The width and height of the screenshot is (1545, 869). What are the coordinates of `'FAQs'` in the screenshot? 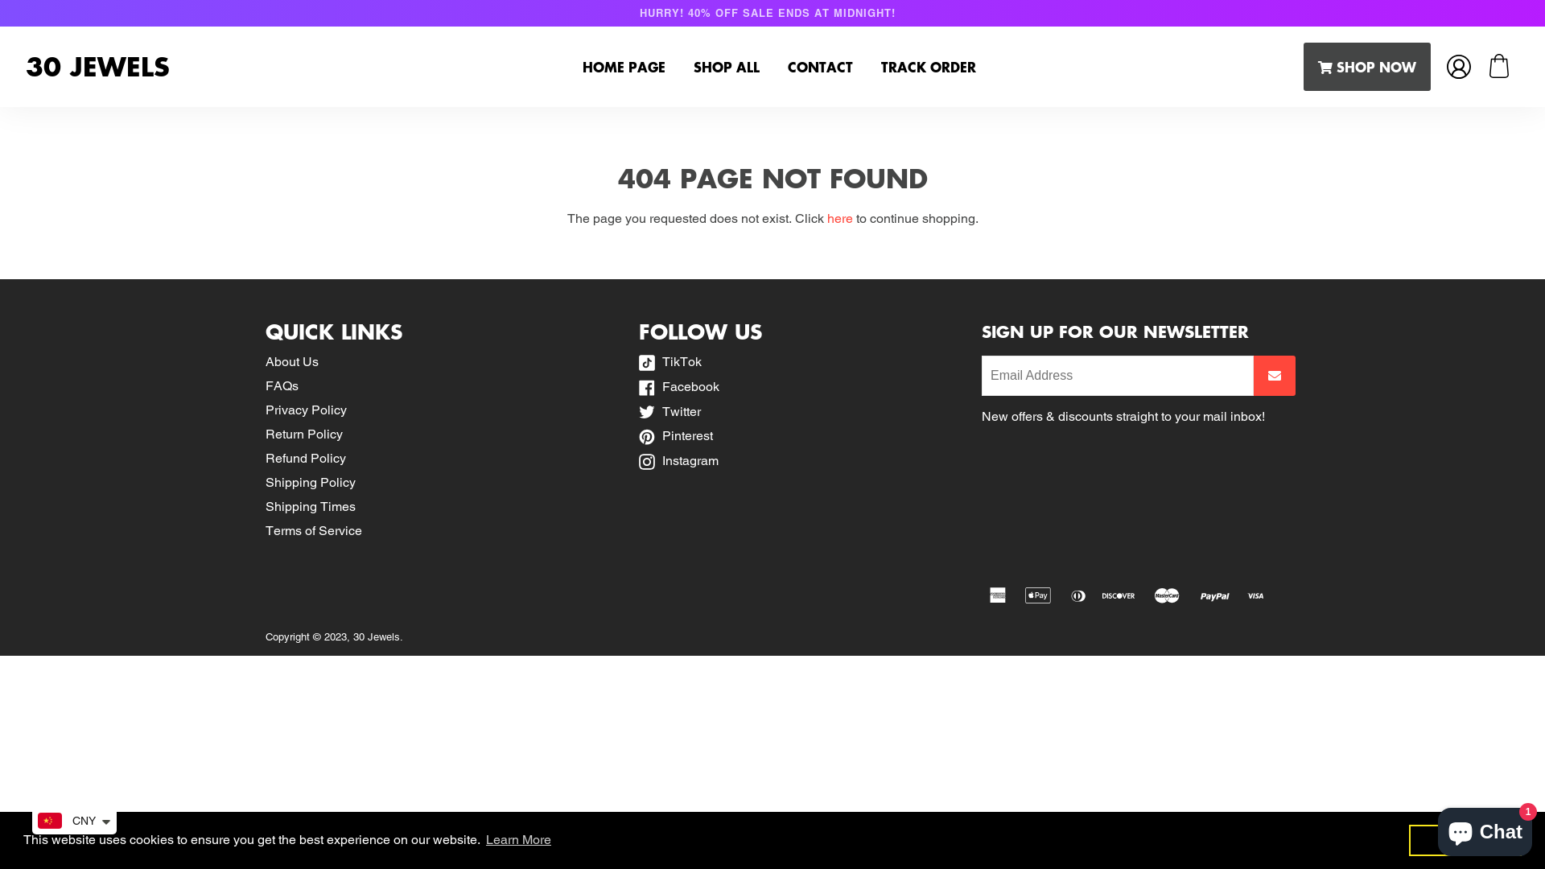 It's located at (266, 385).